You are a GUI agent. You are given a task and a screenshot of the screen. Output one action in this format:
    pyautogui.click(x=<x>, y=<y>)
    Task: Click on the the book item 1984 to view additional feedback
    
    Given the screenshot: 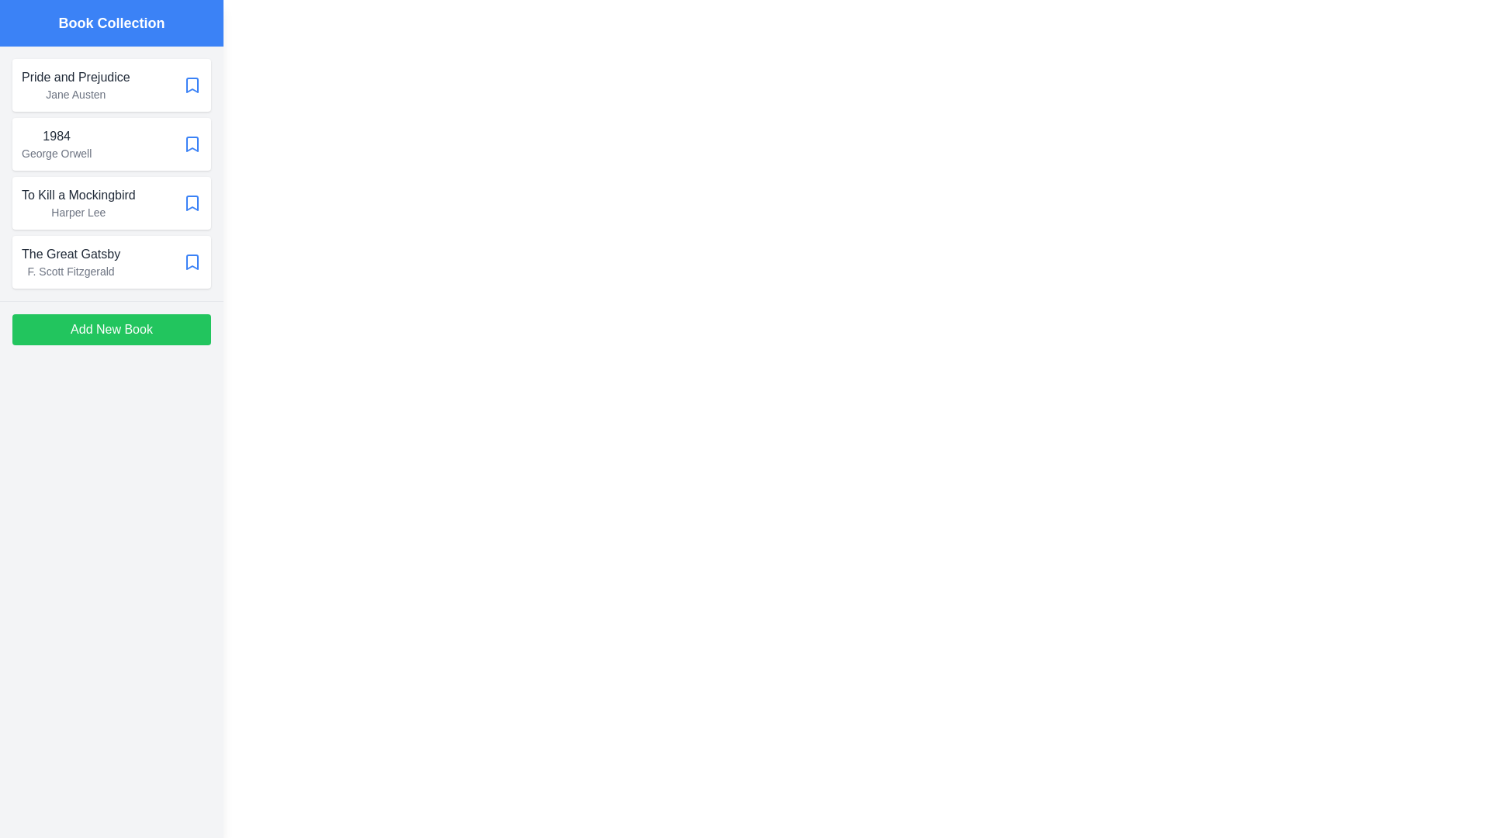 What is the action you would take?
    pyautogui.click(x=111, y=144)
    